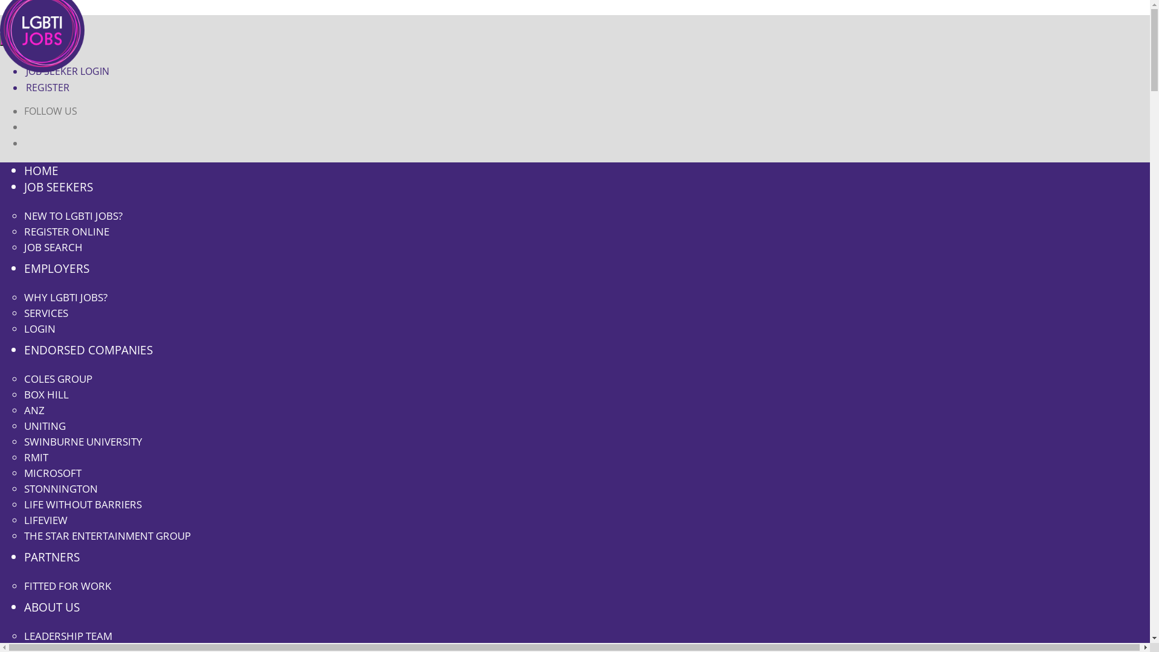 This screenshot has width=1159, height=652. What do you see at coordinates (57, 187) in the screenshot?
I see `'JOB SEEKERS'` at bounding box center [57, 187].